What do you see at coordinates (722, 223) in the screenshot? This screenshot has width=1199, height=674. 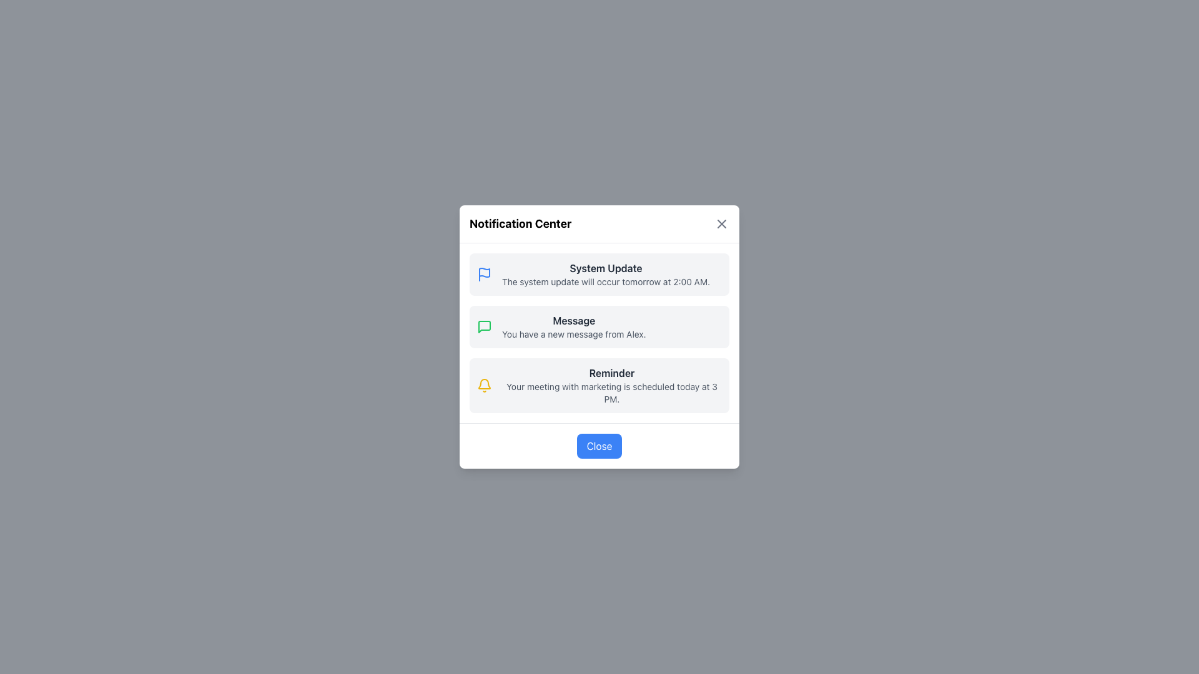 I see `the small diagonal cross icon located at the top right corner of the Notification Center popup` at bounding box center [722, 223].